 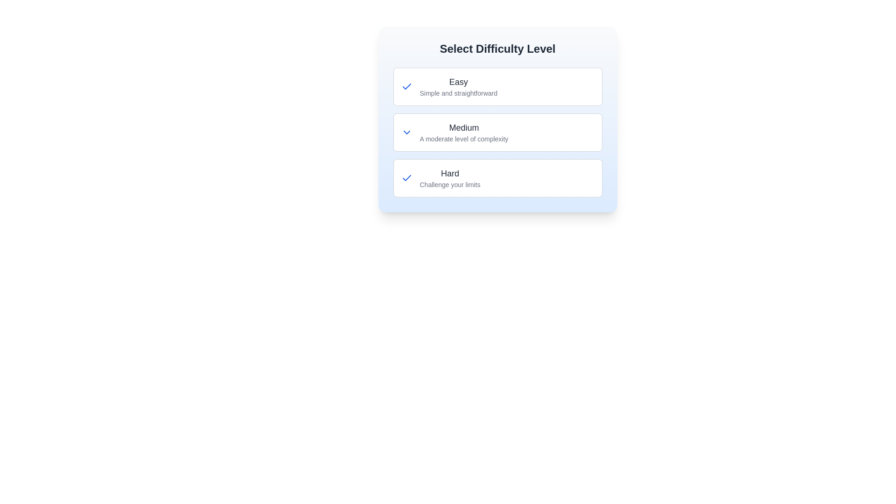 What do you see at coordinates (450, 178) in the screenshot?
I see `the text display that shows 'Hard' and 'Challenge your limits' within the 'Select Difficulty Level' panel` at bounding box center [450, 178].